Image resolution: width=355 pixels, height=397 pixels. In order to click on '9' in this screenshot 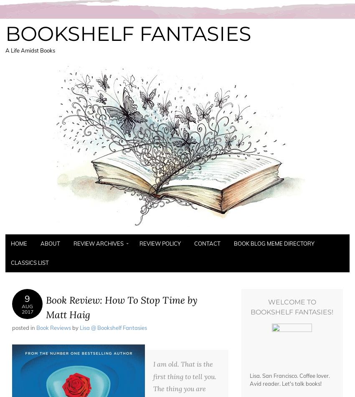, I will do `click(27, 298)`.